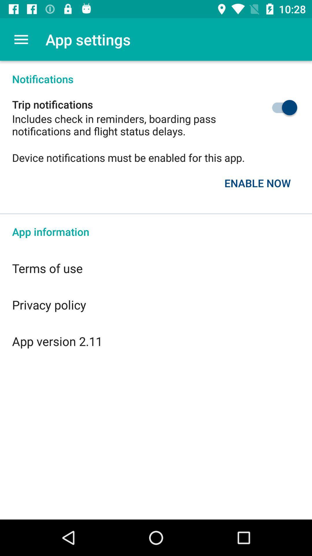 The height and width of the screenshot is (556, 312). What do you see at coordinates (271, 107) in the screenshot?
I see `the icon below the notifications item` at bounding box center [271, 107].